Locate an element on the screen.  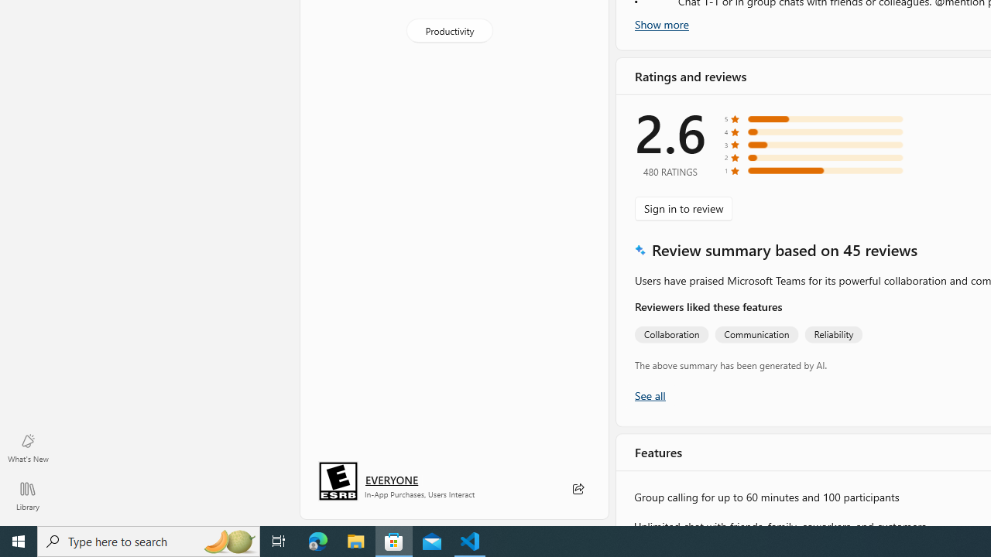
'Show more' is located at coordinates (662, 24).